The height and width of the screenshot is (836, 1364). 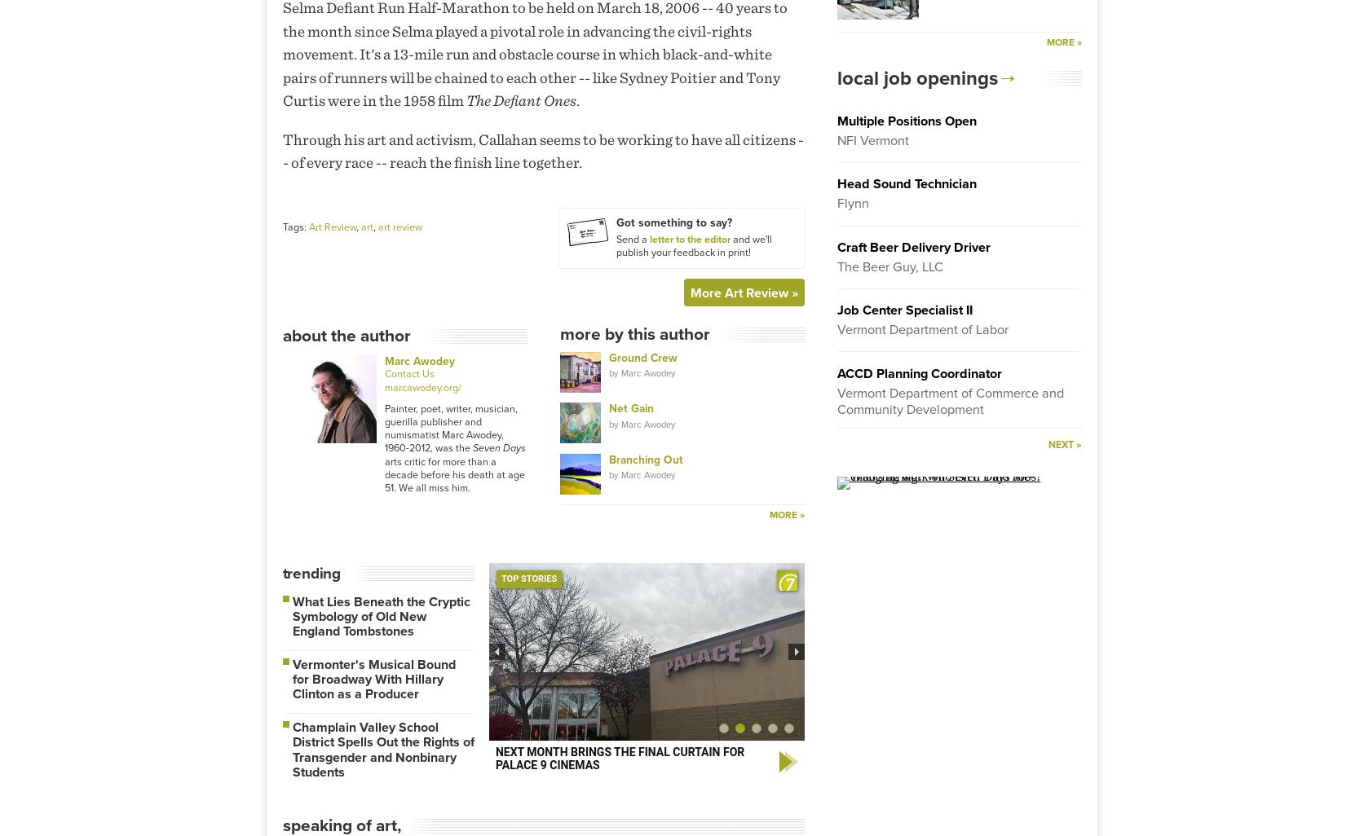 What do you see at coordinates (382, 374) in the screenshot?
I see `'Contact Us'` at bounding box center [382, 374].